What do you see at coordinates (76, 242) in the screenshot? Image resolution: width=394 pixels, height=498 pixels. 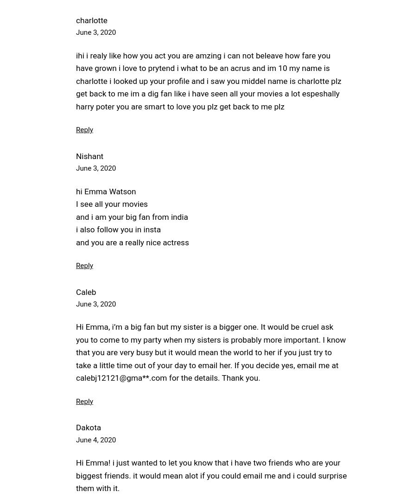 I see `'and you are a really nice actress'` at bounding box center [76, 242].